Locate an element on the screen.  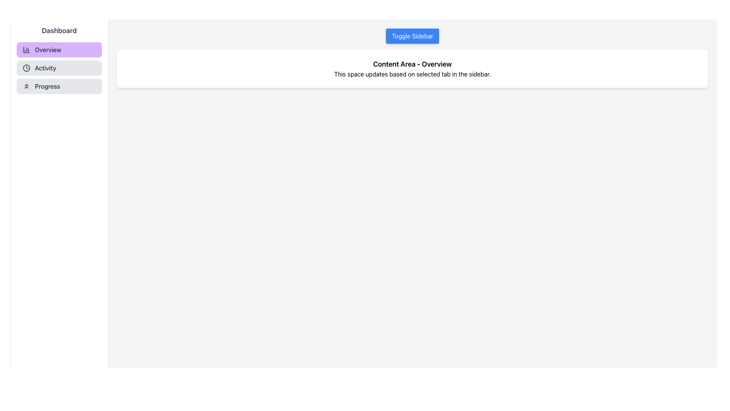
the SVG circle element resembling a clock face located in the 'Activity' section of the dashboard is located at coordinates (27, 67).